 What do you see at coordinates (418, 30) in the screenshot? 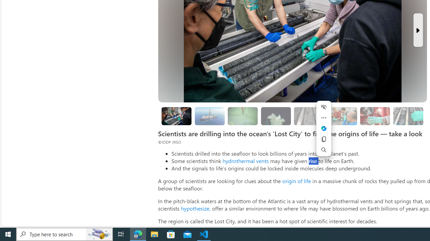
I see `'Next Slide'` at bounding box center [418, 30].